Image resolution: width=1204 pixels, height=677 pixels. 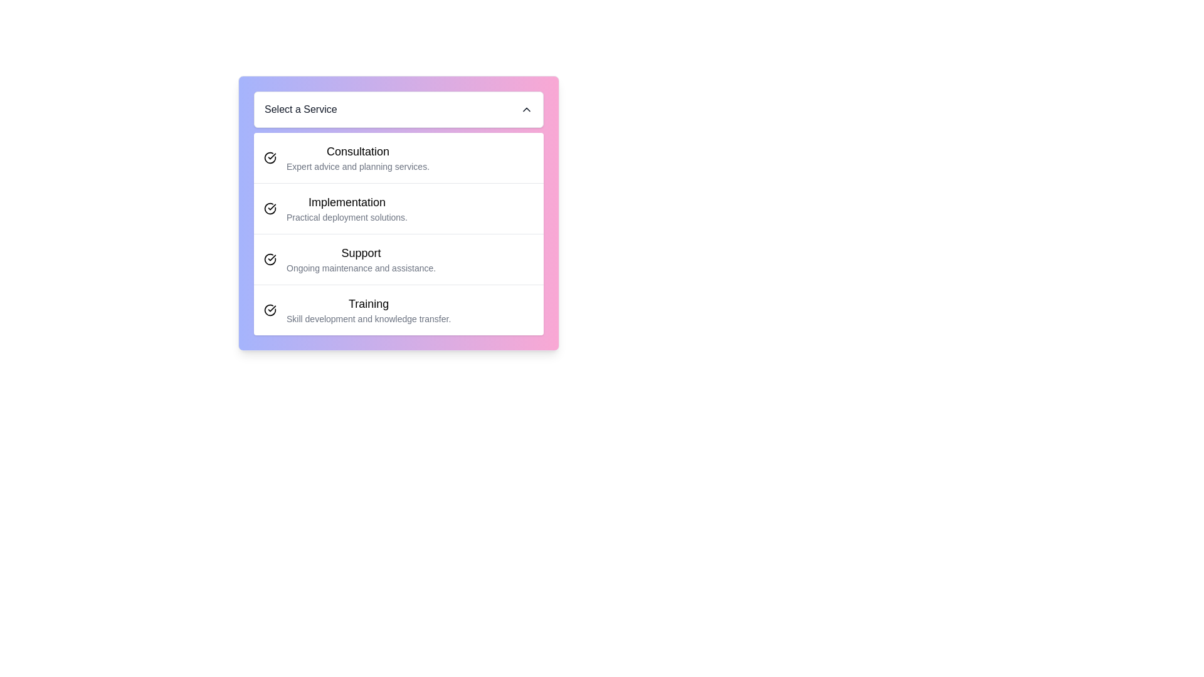 I want to click on the Text label that serves as a title or header for a service item in a list, positioned at the top of a grouped section, so click(x=357, y=151).